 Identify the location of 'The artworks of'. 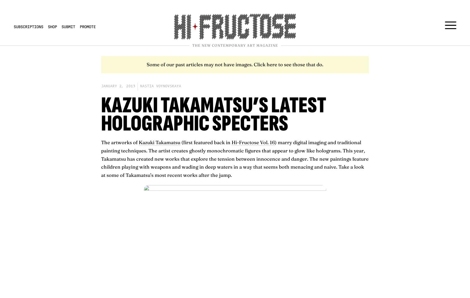
(120, 142).